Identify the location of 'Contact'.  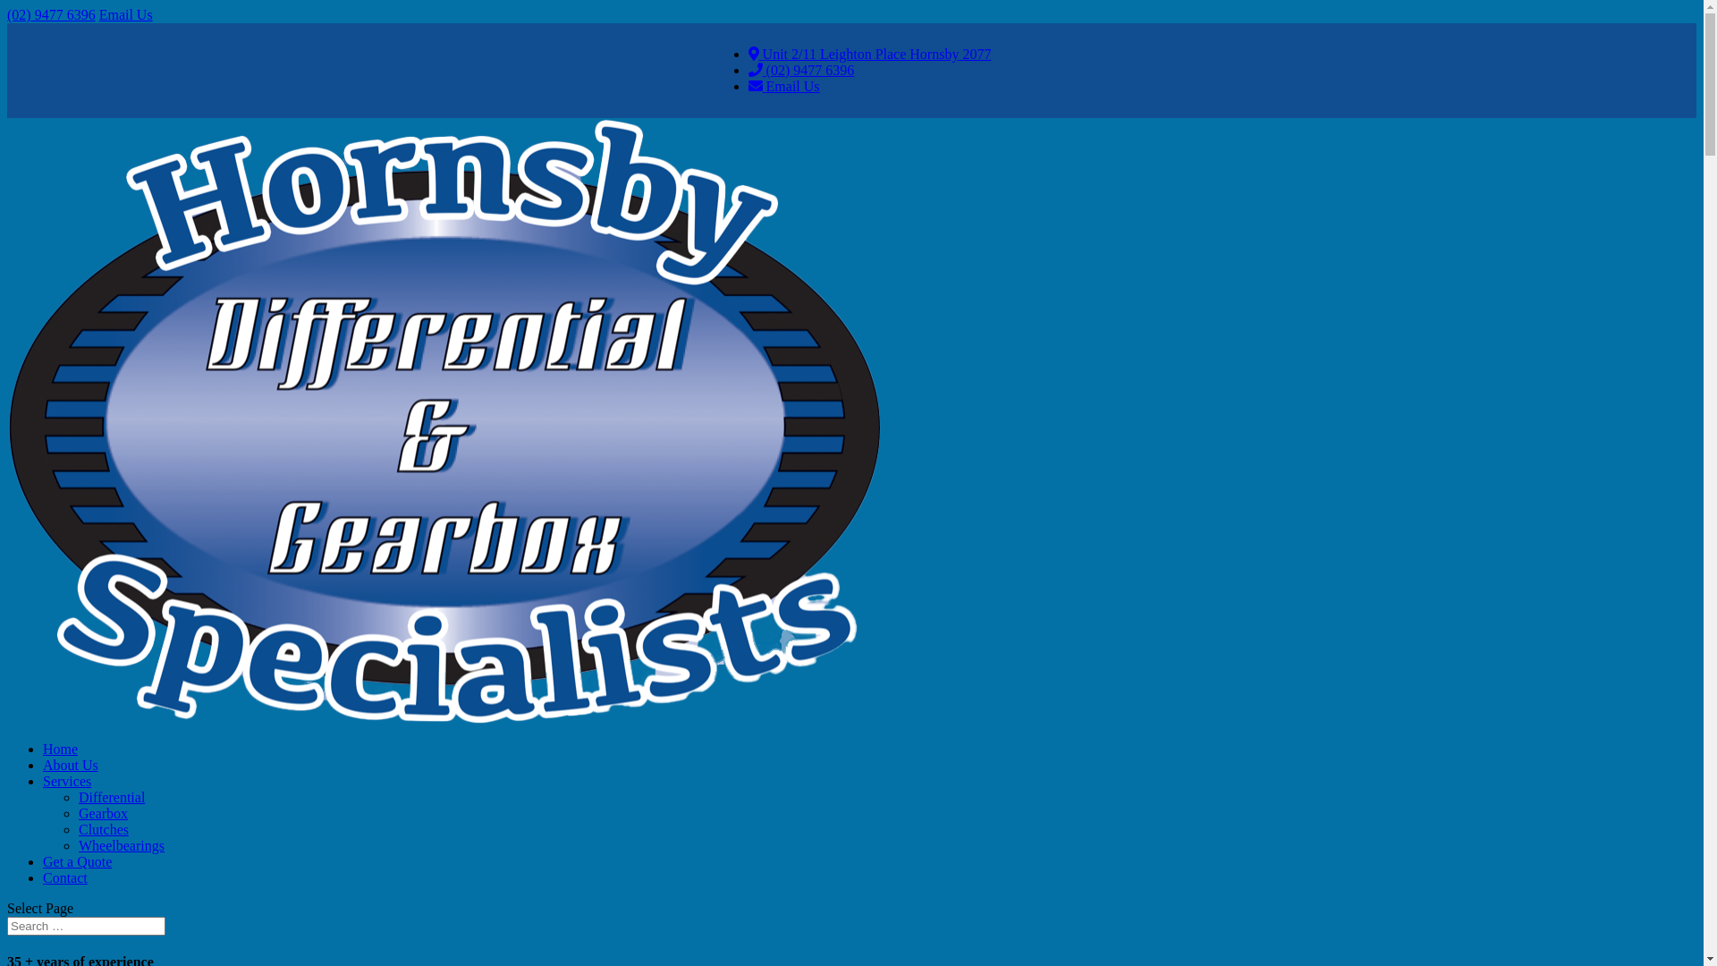
(64, 877).